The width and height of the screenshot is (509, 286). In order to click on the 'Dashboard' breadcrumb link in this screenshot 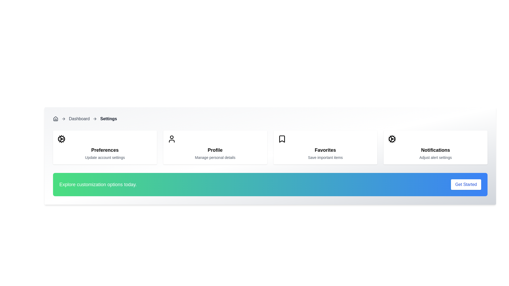, I will do `click(79, 118)`.